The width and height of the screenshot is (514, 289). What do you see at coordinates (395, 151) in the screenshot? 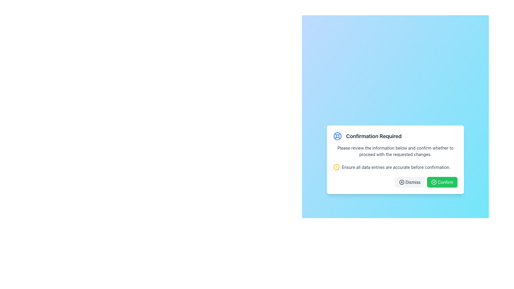
I see `the static text reading 'Please review the information below and confirm whether to proceed with the requested changes.', which is styled in gray font and positioned within a modal dialog box, below the title 'Confirmation Required'` at bounding box center [395, 151].